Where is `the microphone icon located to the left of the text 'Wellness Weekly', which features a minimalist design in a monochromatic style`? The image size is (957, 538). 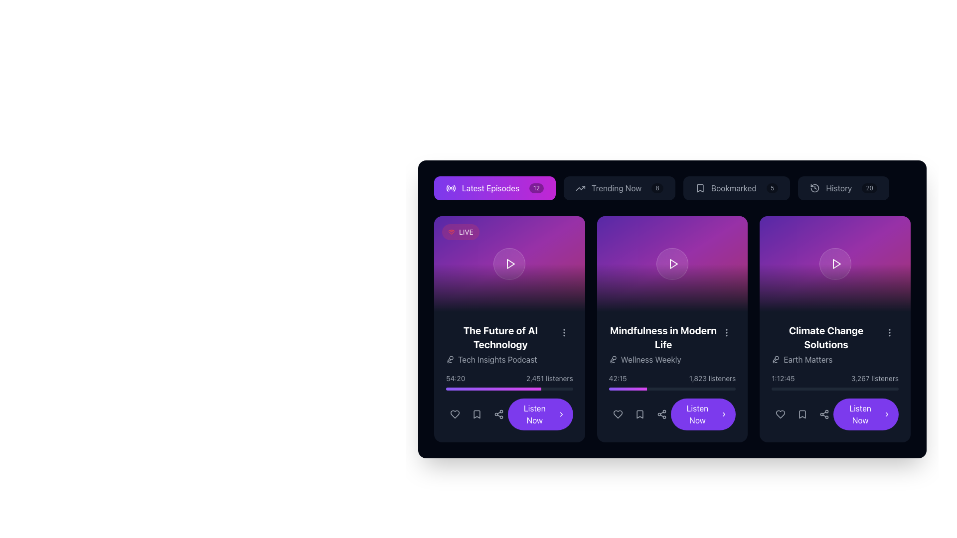
the microphone icon located to the left of the text 'Wellness Weekly', which features a minimalist design in a monochromatic style is located at coordinates (612, 359).